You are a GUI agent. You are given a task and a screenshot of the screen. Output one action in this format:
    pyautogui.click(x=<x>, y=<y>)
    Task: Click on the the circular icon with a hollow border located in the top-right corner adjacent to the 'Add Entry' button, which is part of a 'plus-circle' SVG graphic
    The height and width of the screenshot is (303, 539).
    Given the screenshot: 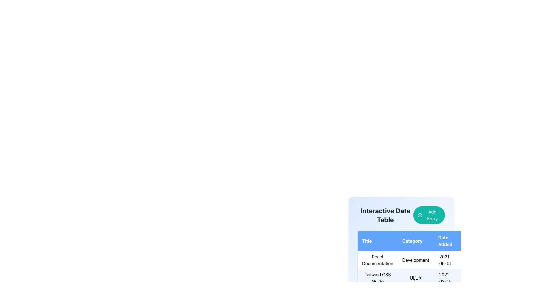 What is the action you would take?
    pyautogui.click(x=420, y=215)
    